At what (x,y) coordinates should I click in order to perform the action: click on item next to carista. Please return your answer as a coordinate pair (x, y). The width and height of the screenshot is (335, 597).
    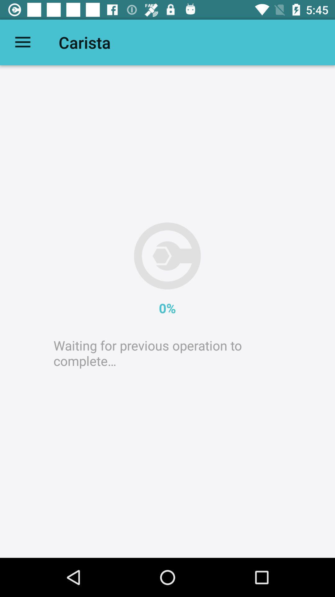
    Looking at the image, I should click on (22, 42).